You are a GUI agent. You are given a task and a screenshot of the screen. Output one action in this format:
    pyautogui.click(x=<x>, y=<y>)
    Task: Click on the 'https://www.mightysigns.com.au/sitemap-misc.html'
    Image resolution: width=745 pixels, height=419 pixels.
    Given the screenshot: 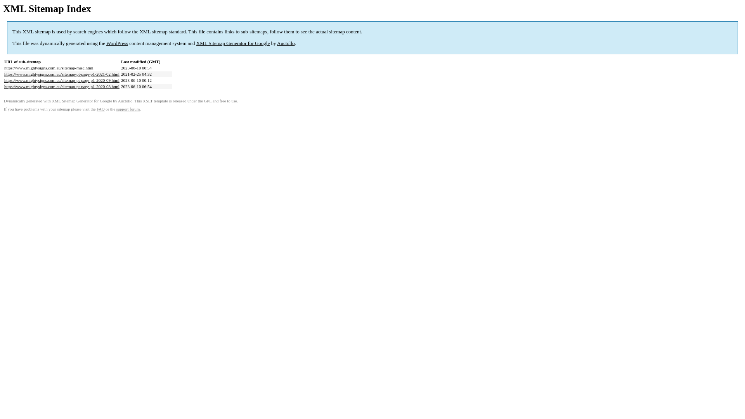 What is the action you would take?
    pyautogui.click(x=48, y=67)
    